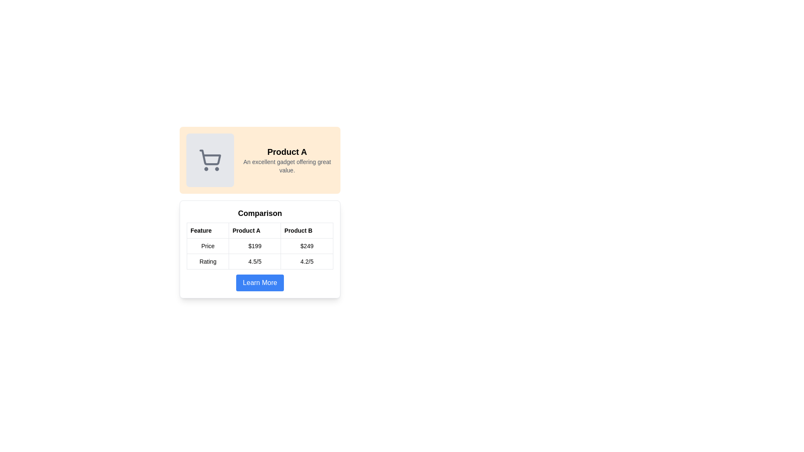  What do you see at coordinates (307, 245) in the screenshot?
I see `static text display representing the price of 'Product B' located in the second column of the comparison table, positioned to the right of the '$199' element for 'Product A'` at bounding box center [307, 245].